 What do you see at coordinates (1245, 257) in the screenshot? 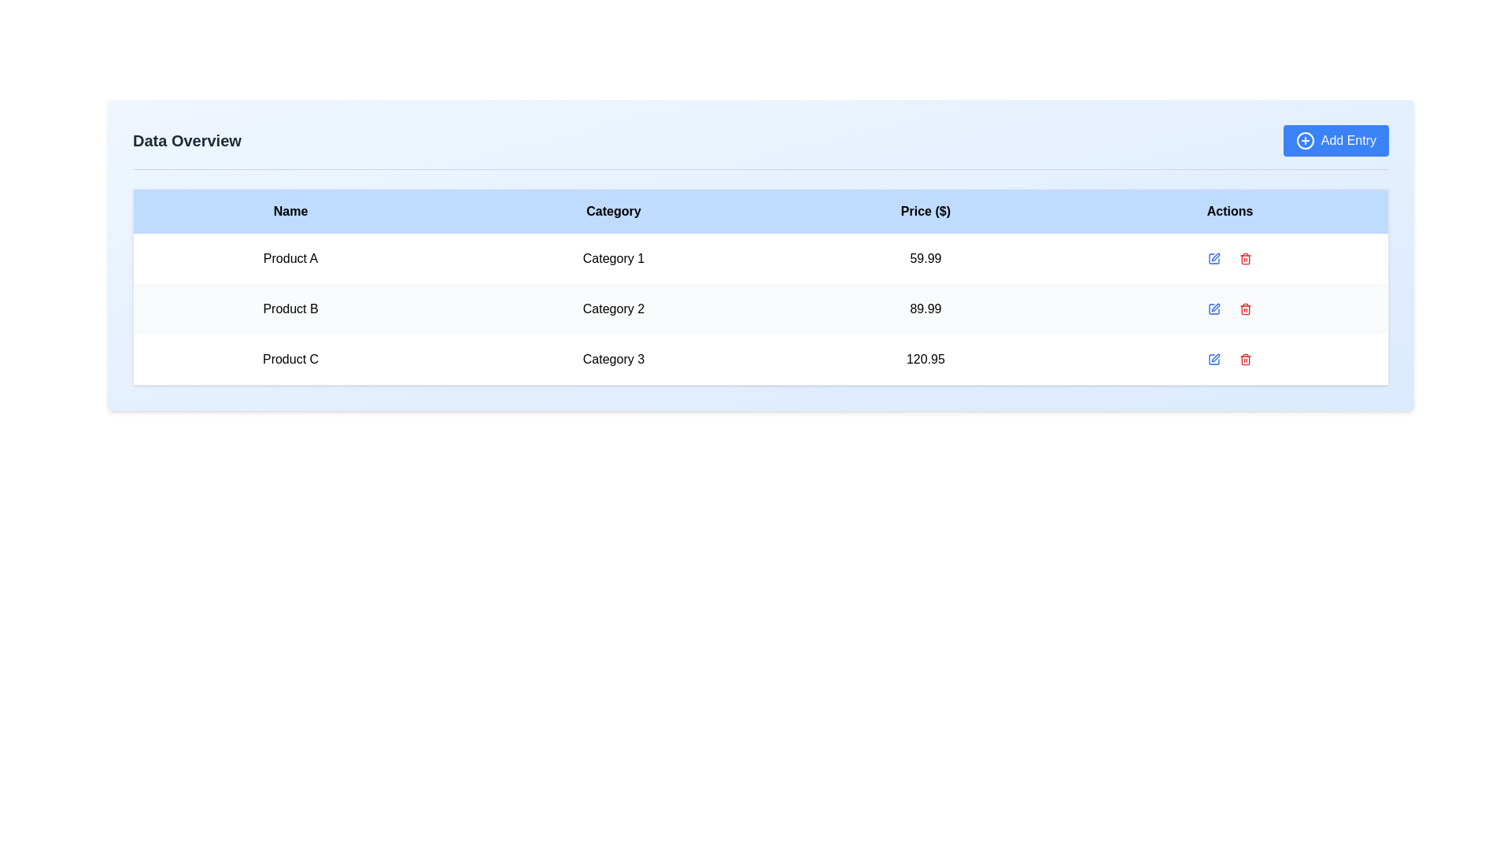
I see `the trash bin icon in the Actions column for 'Product B'` at bounding box center [1245, 257].